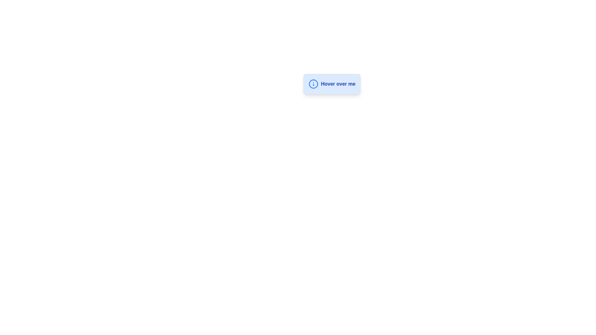 The width and height of the screenshot is (596, 335). What do you see at coordinates (338, 84) in the screenshot?
I see `the text label that reads 'Hover over me', which is styled with a blue font color and bold formatting, located inside a light blue rounded rectangle` at bounding box center [338, 84].